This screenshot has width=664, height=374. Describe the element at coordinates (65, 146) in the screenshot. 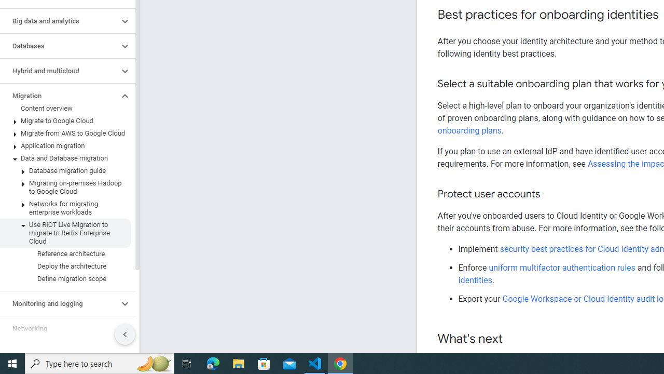

I see `'Application migration'` at that location.